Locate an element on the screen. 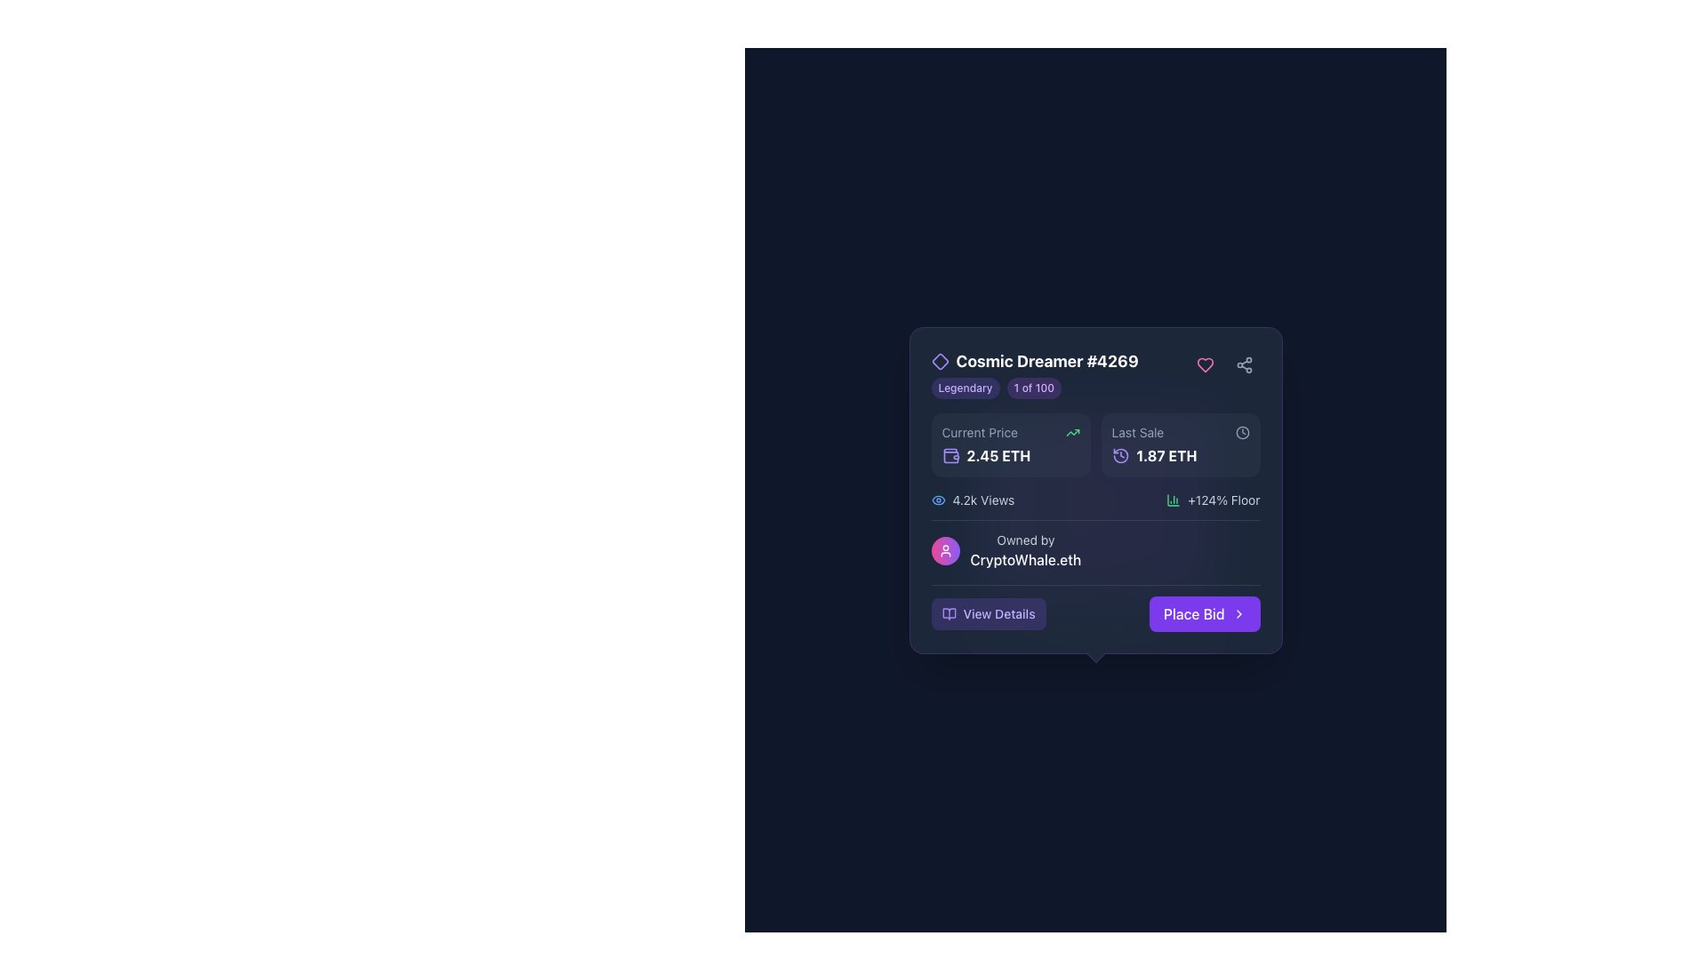 The image size is (1707, 960). the heart-shaped icon with a pink gradient color is located at coordinates (1205, 364).